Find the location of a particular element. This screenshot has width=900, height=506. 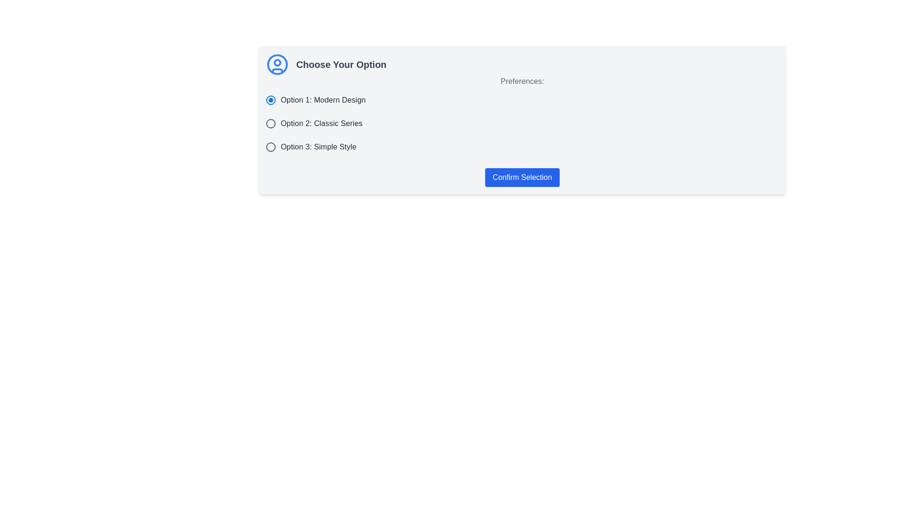

the text label that describes the first option in the 'Choose Your Option' section, which is positioned to the right of the circular radio button is located at coordinates (323, 100).